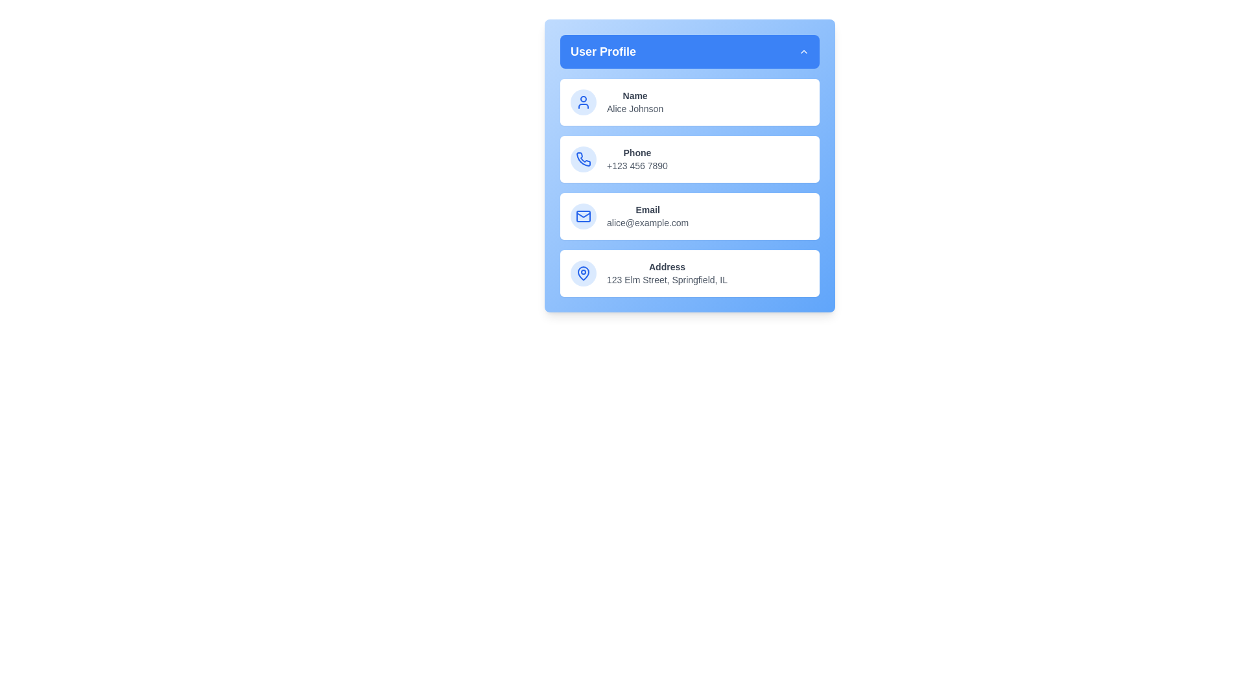 Image resolution: width=1245 pixels, height=700 pixels. What do you see at coordinates (803, 51) in the screenshot?
I see `the toggle icon on the far right of the 'User Profile' header` at bounding box center [803, 51].